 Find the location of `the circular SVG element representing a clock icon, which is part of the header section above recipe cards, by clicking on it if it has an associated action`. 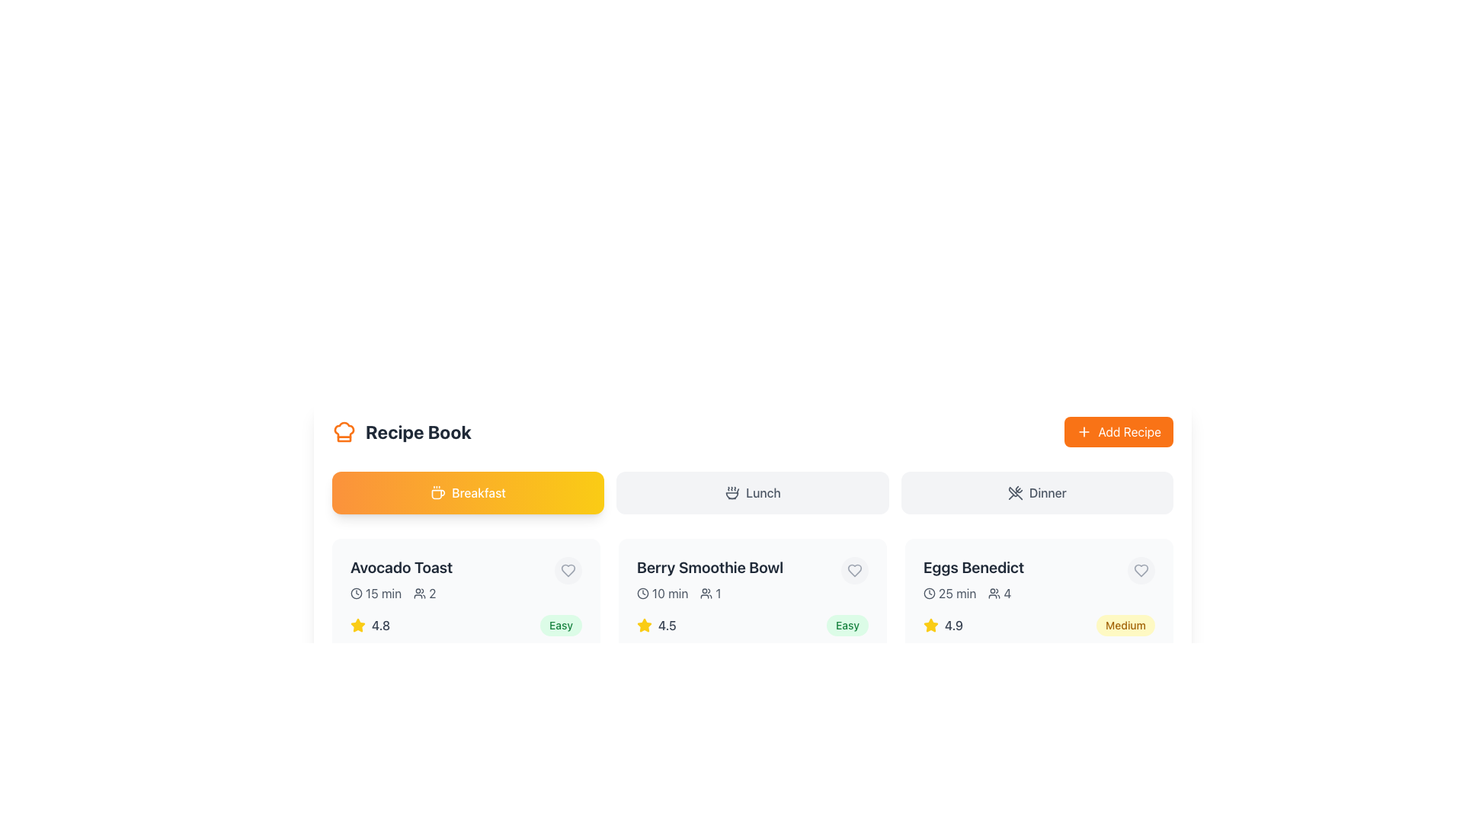

the circular SVG element representing a clock icon, which is part of the header section above recipe cards, by clicking on it if it has an associated action is located at coordinates (643, 593).